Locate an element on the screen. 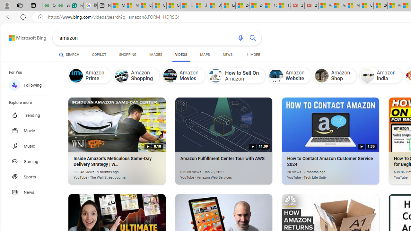 Image resolution: width=411 pixels, height=231 pixels. '15 Ways Modern Life Contradicts the Teachings of Jesus' is located at coordinates (283, 5).